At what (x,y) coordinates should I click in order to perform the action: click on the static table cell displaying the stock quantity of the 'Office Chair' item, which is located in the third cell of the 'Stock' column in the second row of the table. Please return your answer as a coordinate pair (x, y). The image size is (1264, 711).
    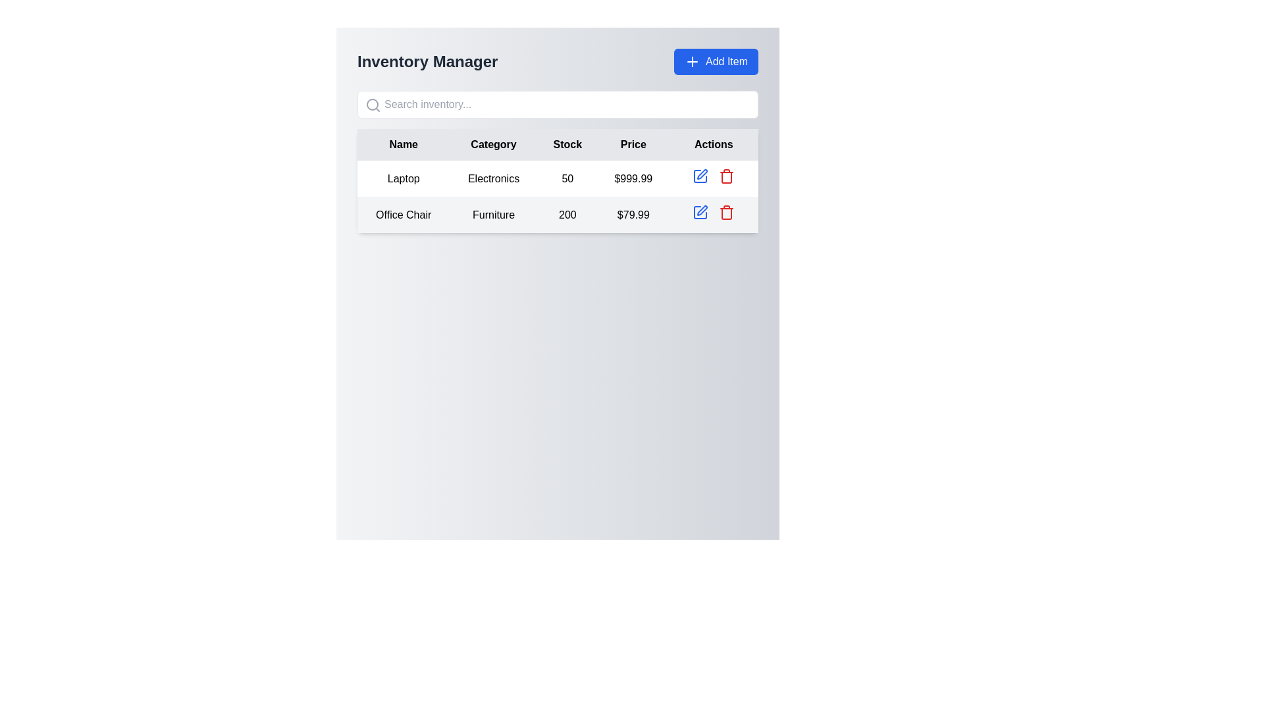
    Looking at the image, I should click on (567, 214).